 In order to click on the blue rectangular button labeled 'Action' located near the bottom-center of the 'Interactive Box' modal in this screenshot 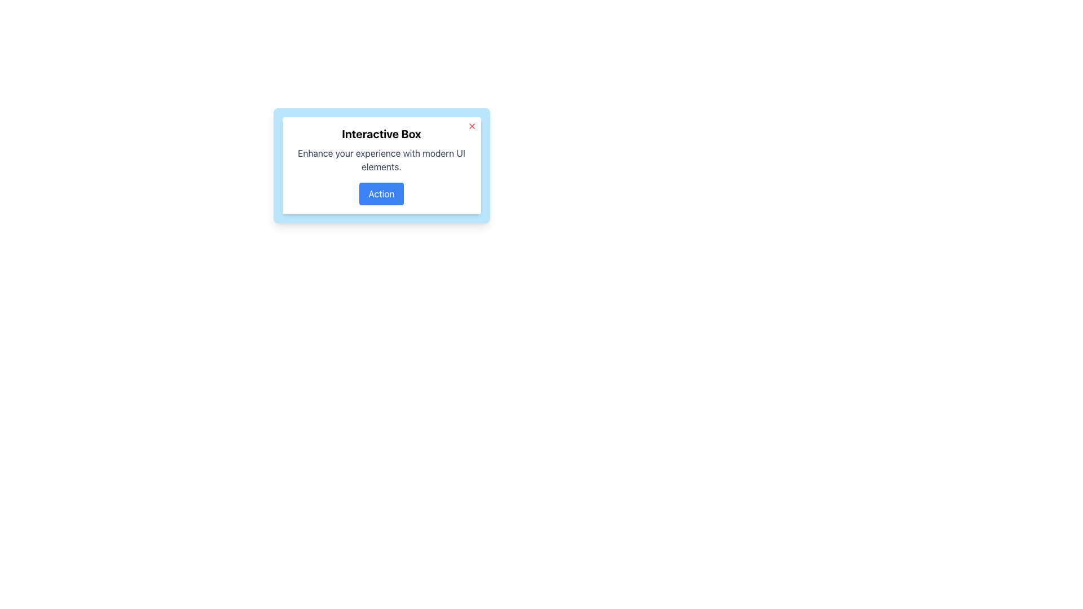, I will do `click(381, 193)`.